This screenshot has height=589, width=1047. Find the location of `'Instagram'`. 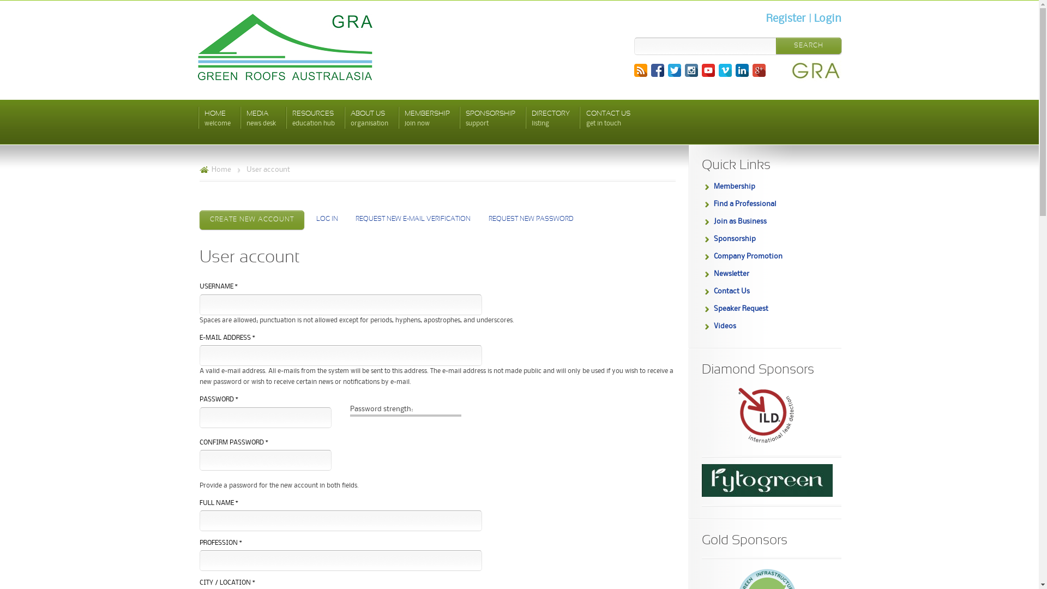

'Instagram' is located at coordinates (693, 71).